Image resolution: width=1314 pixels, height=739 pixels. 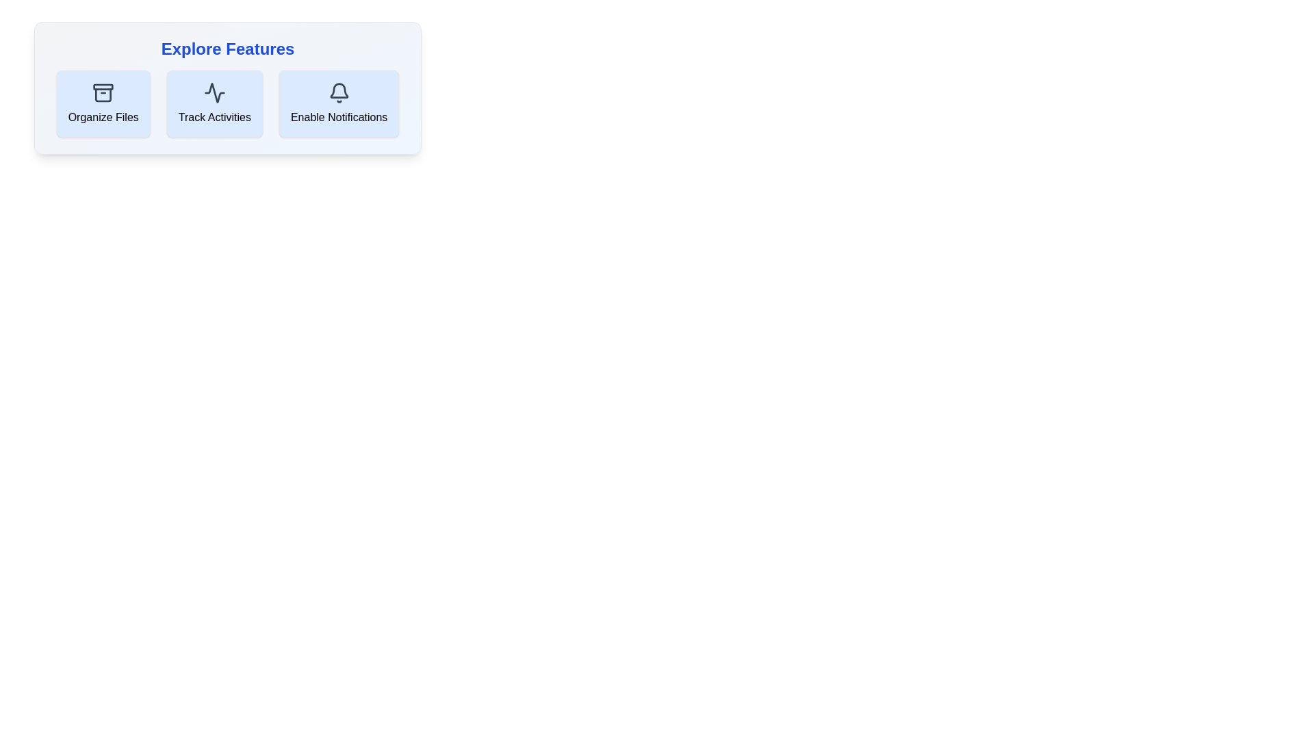 What do you see at coordinates (103, 94) in the screenshot?
I see `the main body of the archive box icon located in the 'Explore Features' section at the top center of the interface` at bounding box center [103, 94].